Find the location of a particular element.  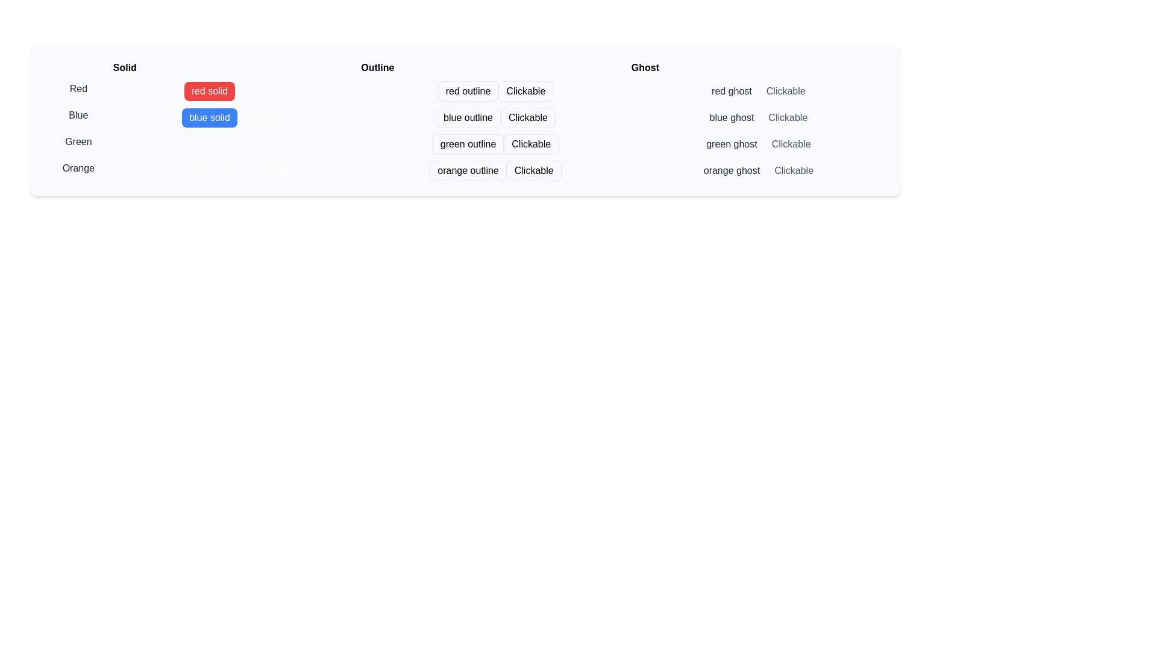

the 'Red Solid' composite label element in the first row of the 'Solid' column is located at coordinates (236, 88).